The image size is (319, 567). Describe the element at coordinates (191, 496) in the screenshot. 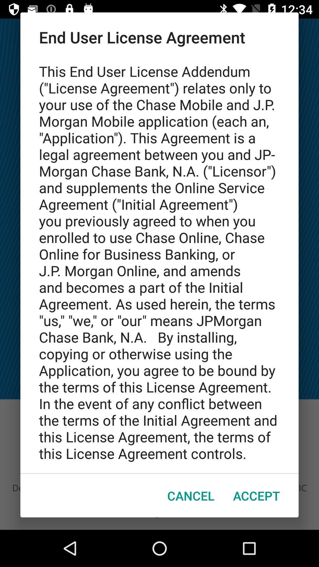

I see `the cancel item` at that location.